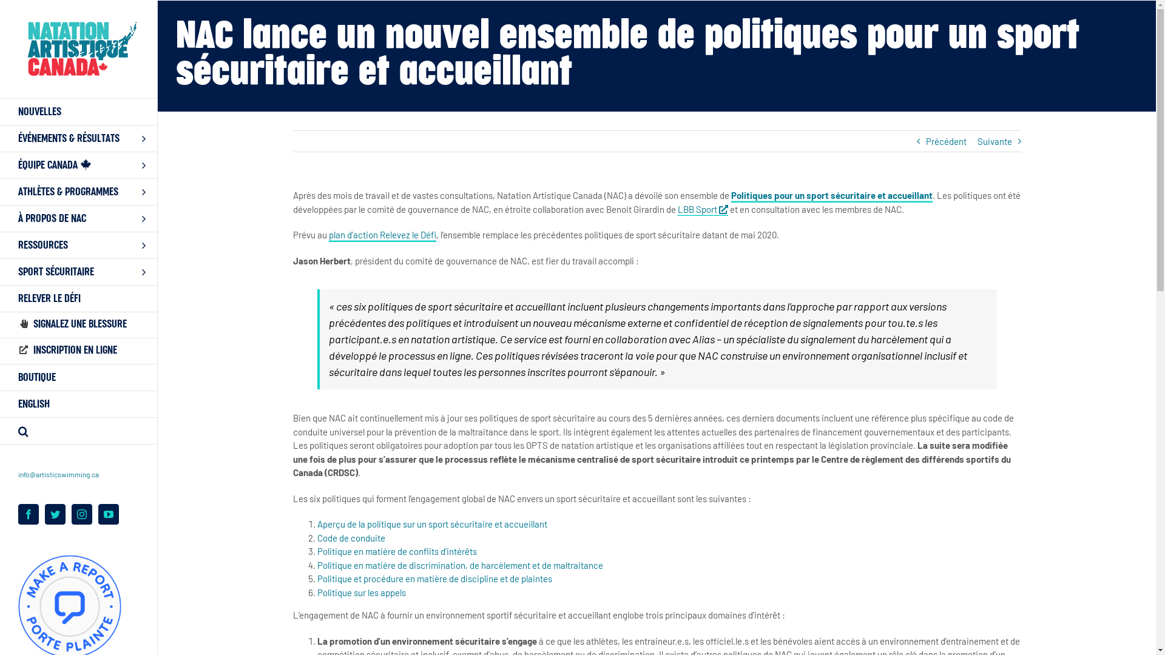 This screenshot has width=1165, height=655. What do you see at coordinates (78, 430) in the screenshot?
I see `'Search'` at bounding box center [78, 430].